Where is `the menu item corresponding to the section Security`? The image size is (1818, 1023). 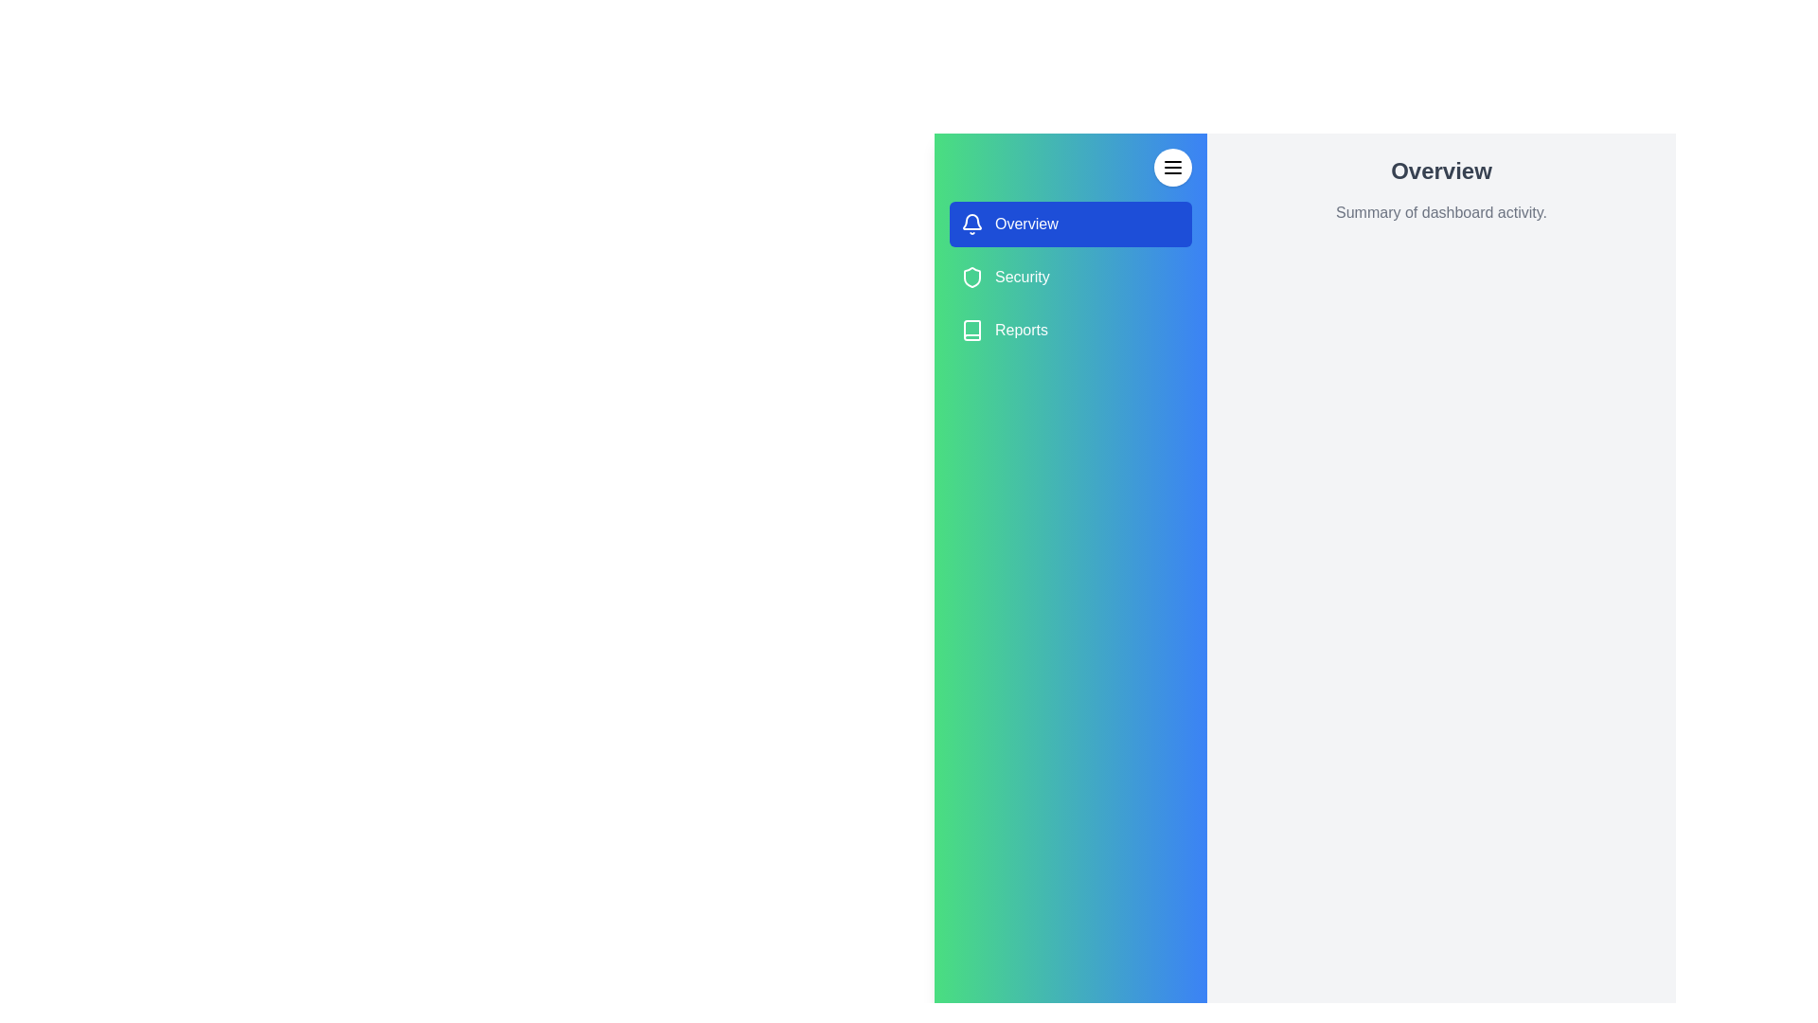 the menu item corresponding to the section Security is located at coordinates (1071, 278).